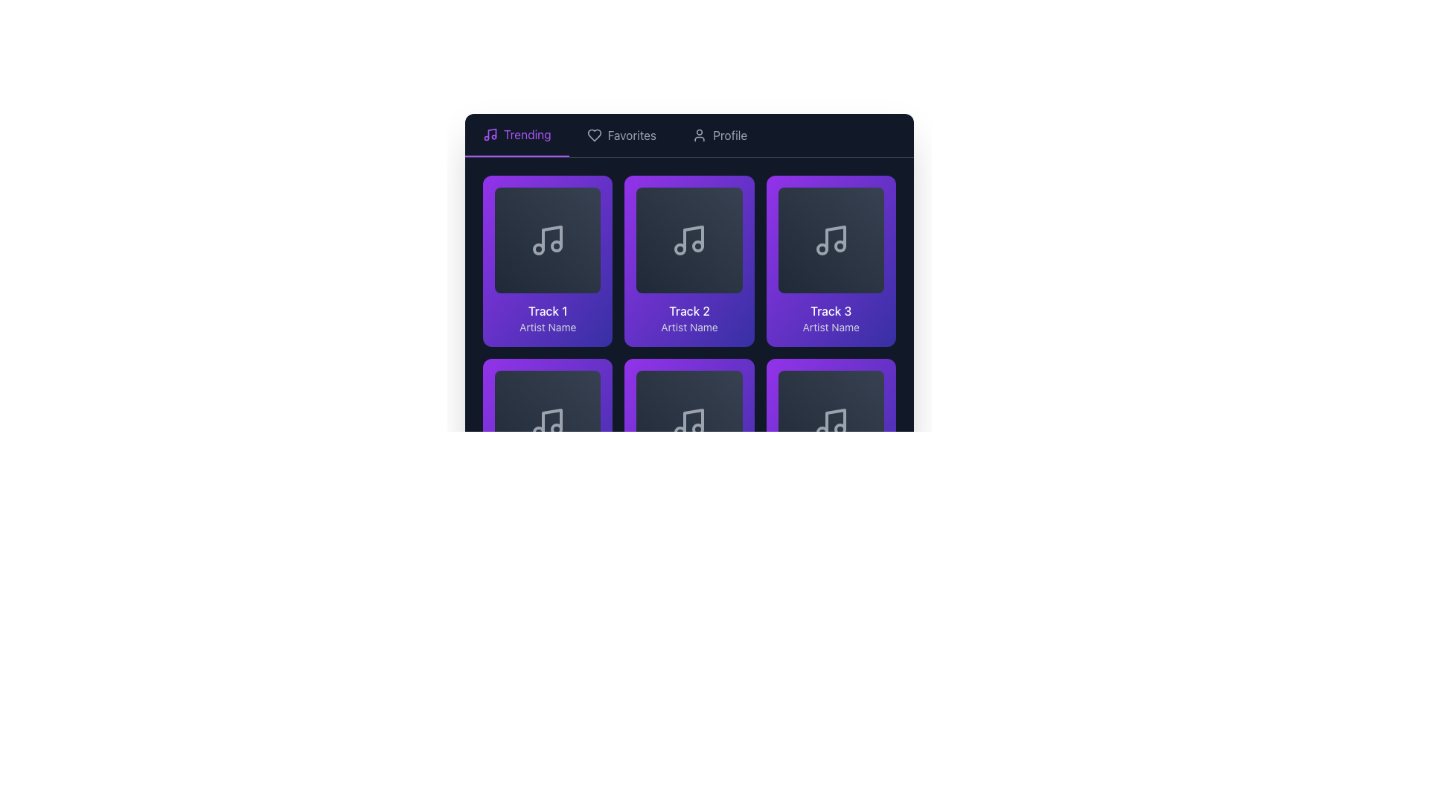 Image resolution: width=1429 pixels, height=804 pixels. Describe the element at coordinates (632, 135) in the screenshot. I see `the 'Favorites' navigation label displayed in white font on a dark background by moving the cursor to its center point` at that location.